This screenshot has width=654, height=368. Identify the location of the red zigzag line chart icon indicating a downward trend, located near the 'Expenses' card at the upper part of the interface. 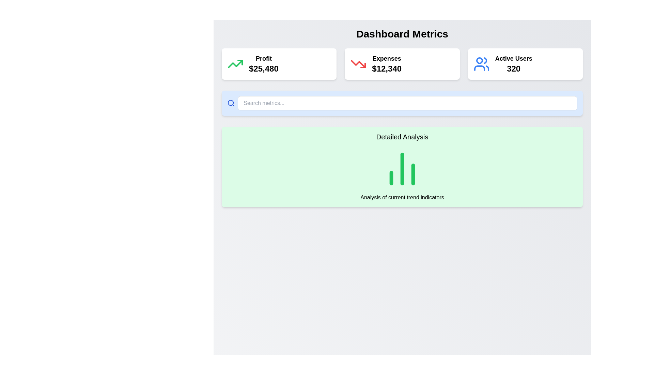
(358, 64).